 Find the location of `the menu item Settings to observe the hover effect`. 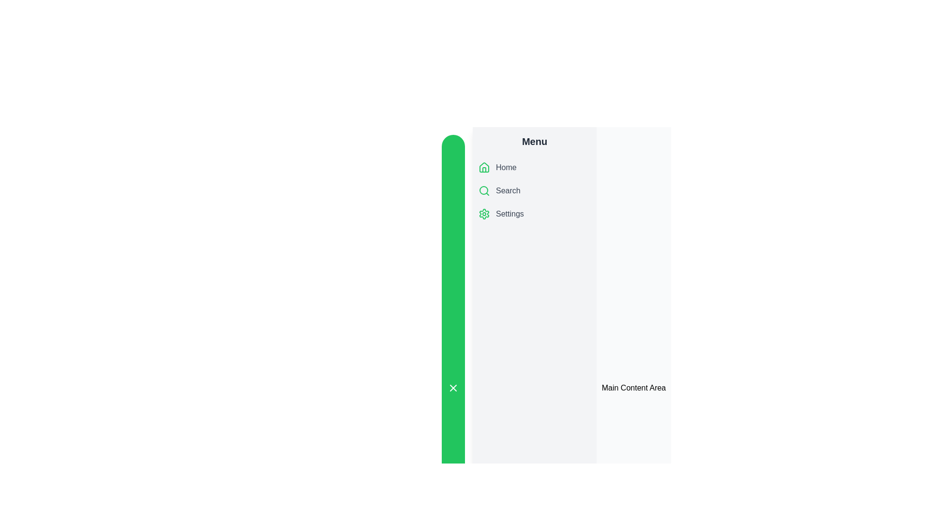

the menu item Settings to observe the hover effect is located at coordinates (534, 214).